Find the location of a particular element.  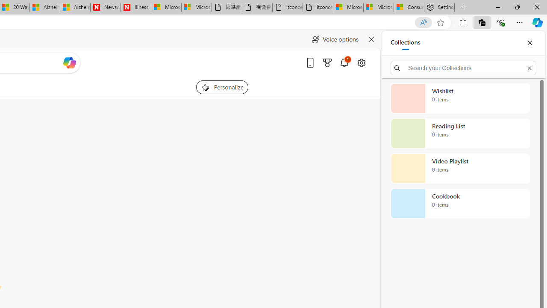

'Wishlist collection, 0 items' is located at coordinates (460, 98).